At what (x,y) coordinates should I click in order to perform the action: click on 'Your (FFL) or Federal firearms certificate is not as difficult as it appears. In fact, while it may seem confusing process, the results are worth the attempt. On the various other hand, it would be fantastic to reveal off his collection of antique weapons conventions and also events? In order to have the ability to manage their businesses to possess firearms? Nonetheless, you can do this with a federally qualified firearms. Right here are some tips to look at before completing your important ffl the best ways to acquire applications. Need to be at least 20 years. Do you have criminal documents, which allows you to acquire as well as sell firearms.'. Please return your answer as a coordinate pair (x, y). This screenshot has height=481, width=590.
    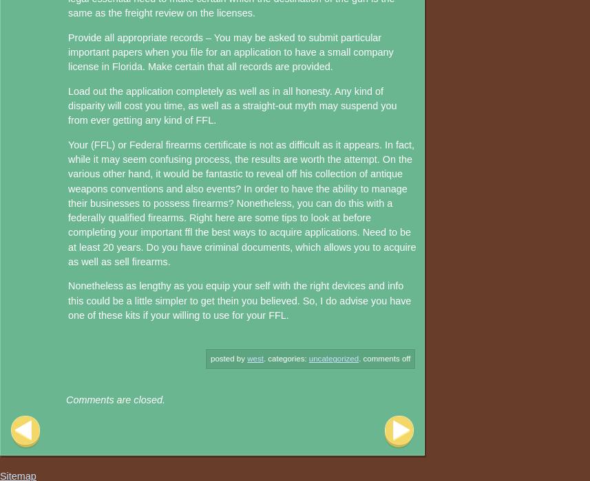
    Looking at the image, I should click on (242, 202).